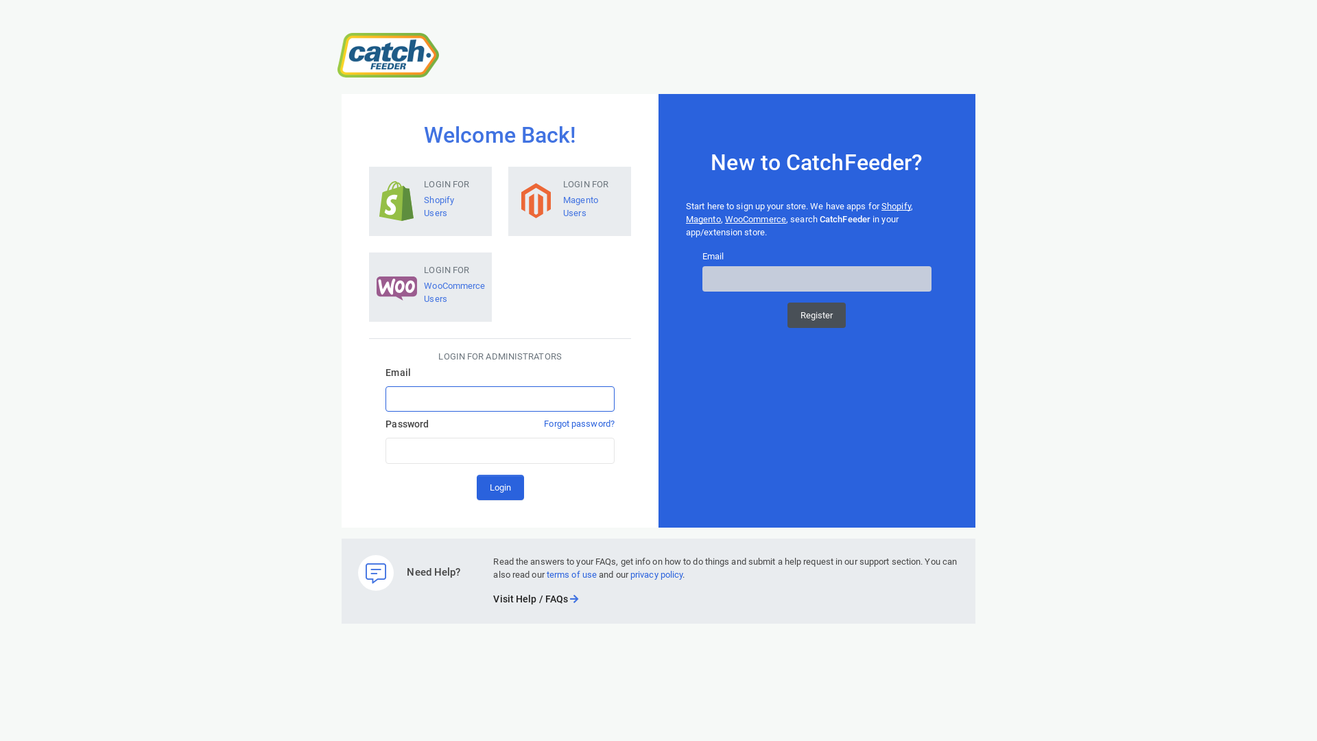  What do you see at coordinates (545, 574) in the screenshot?
I see `'terms of use'` at bounding box center [545, 574].